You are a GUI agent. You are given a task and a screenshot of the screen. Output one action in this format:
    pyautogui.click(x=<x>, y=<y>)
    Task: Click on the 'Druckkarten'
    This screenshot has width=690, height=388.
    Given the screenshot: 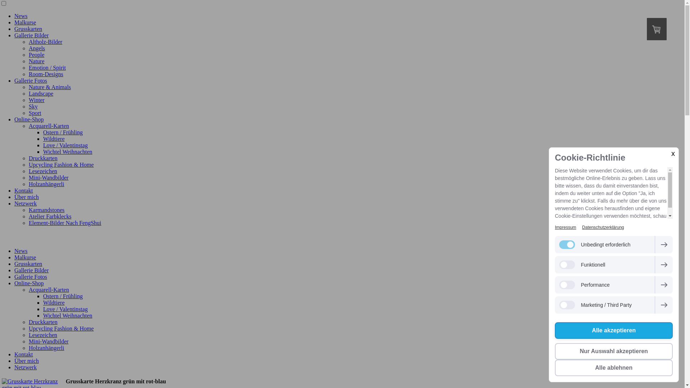 What is the action you would take?
    pyautogui.click(x=43, y=322)
    